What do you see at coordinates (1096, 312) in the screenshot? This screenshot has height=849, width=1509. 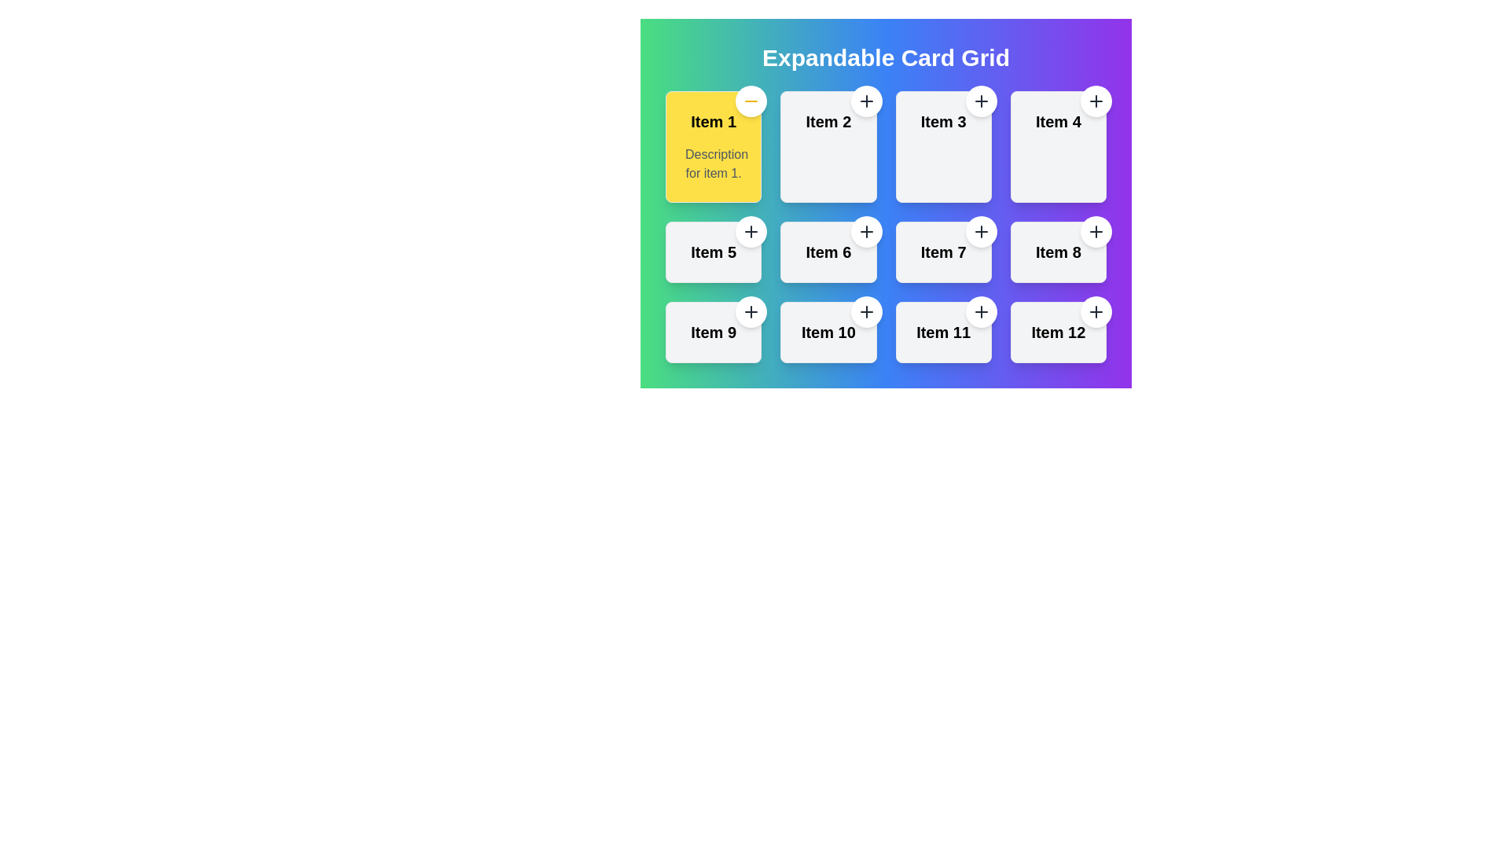 I see `the small circular button with a white background and a plus icon located at the top-right corner of the card labeled 'Item 12' in the grid layout` at bounding box center [1096, 312].